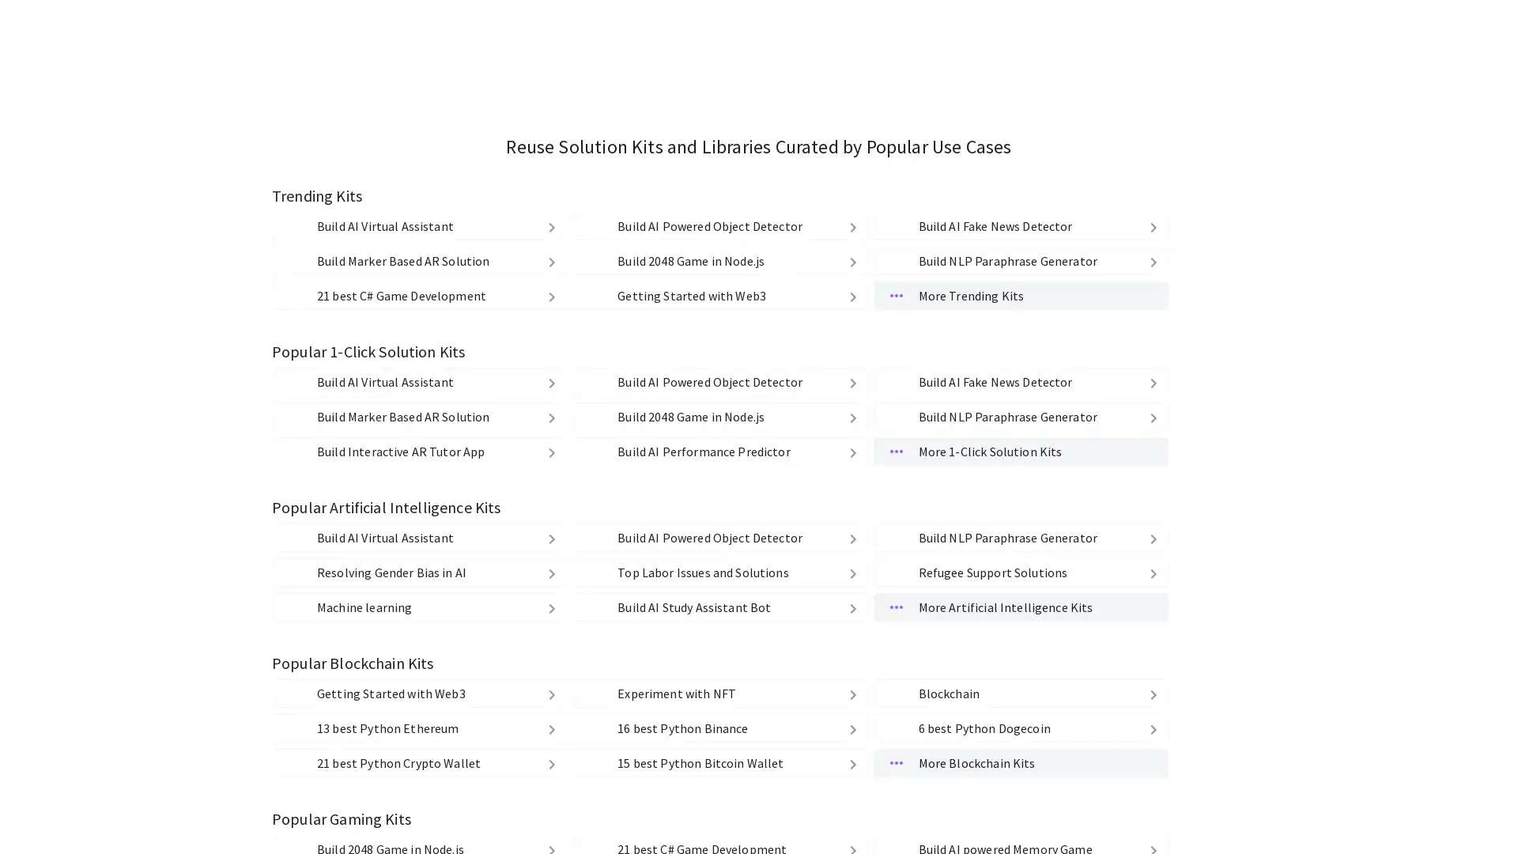 This screenshot has height=854, width=1518. I want to click on High, so click(781, 399).